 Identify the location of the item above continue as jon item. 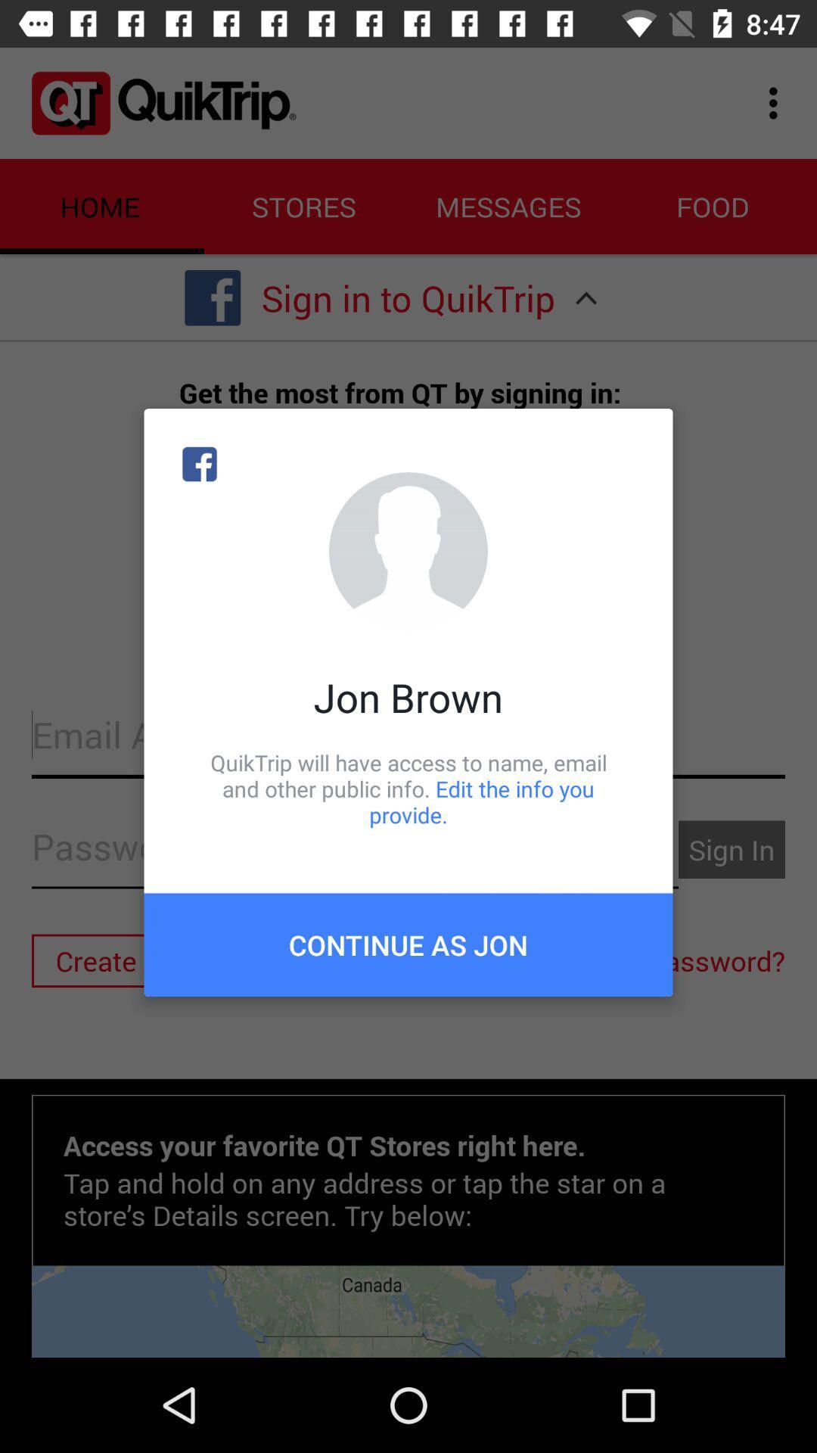
(408, 788).